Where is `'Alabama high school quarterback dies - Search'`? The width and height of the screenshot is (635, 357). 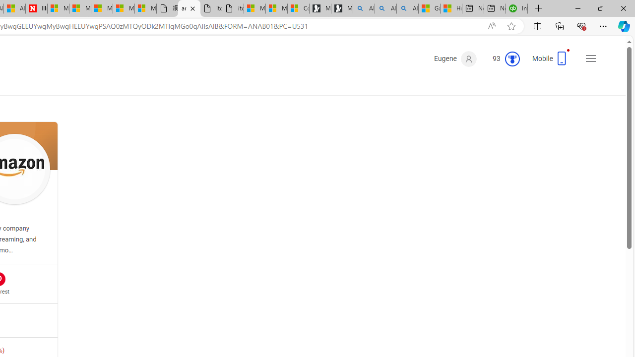 'Alabama high school quarterback dies - Search' is located at coordinates (363, 8).